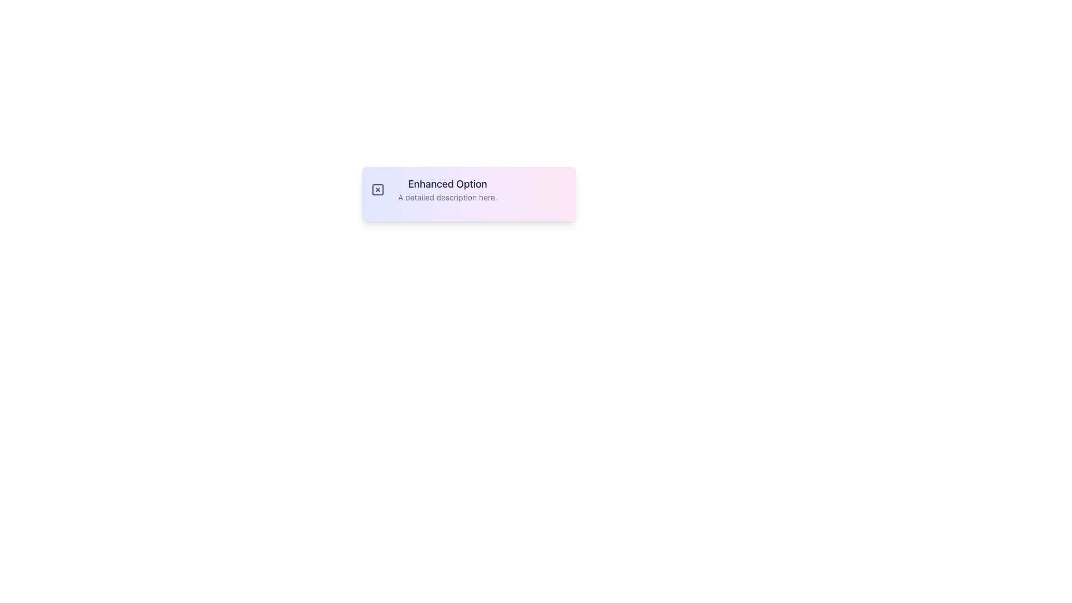 The image size is (1072, 603). What do you see at coordinates (380, 189) in the screenshot?
I see `the Icon button located to the left of the text 'Enhanced Option'` at bounding box center [380, 189].